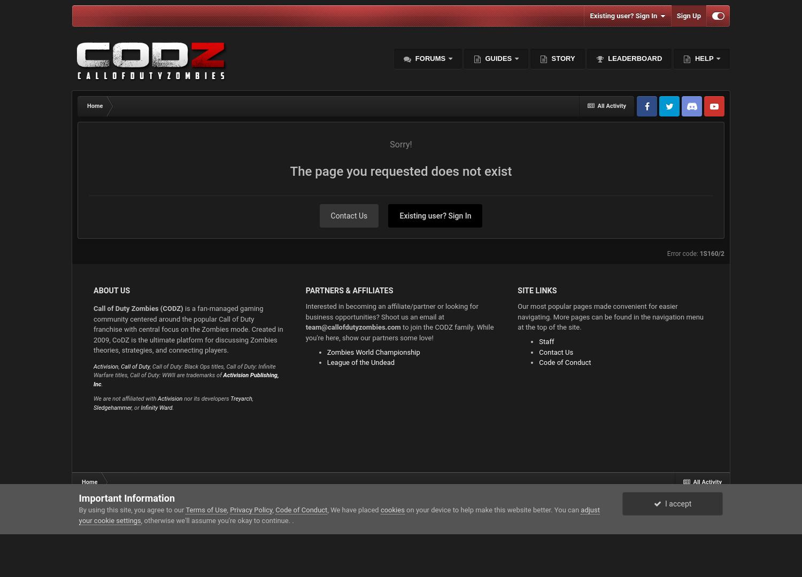  What do you see at coordinates (693, 58) in the screenshot?
I see `'Help'` at bounding box center [693, 58].